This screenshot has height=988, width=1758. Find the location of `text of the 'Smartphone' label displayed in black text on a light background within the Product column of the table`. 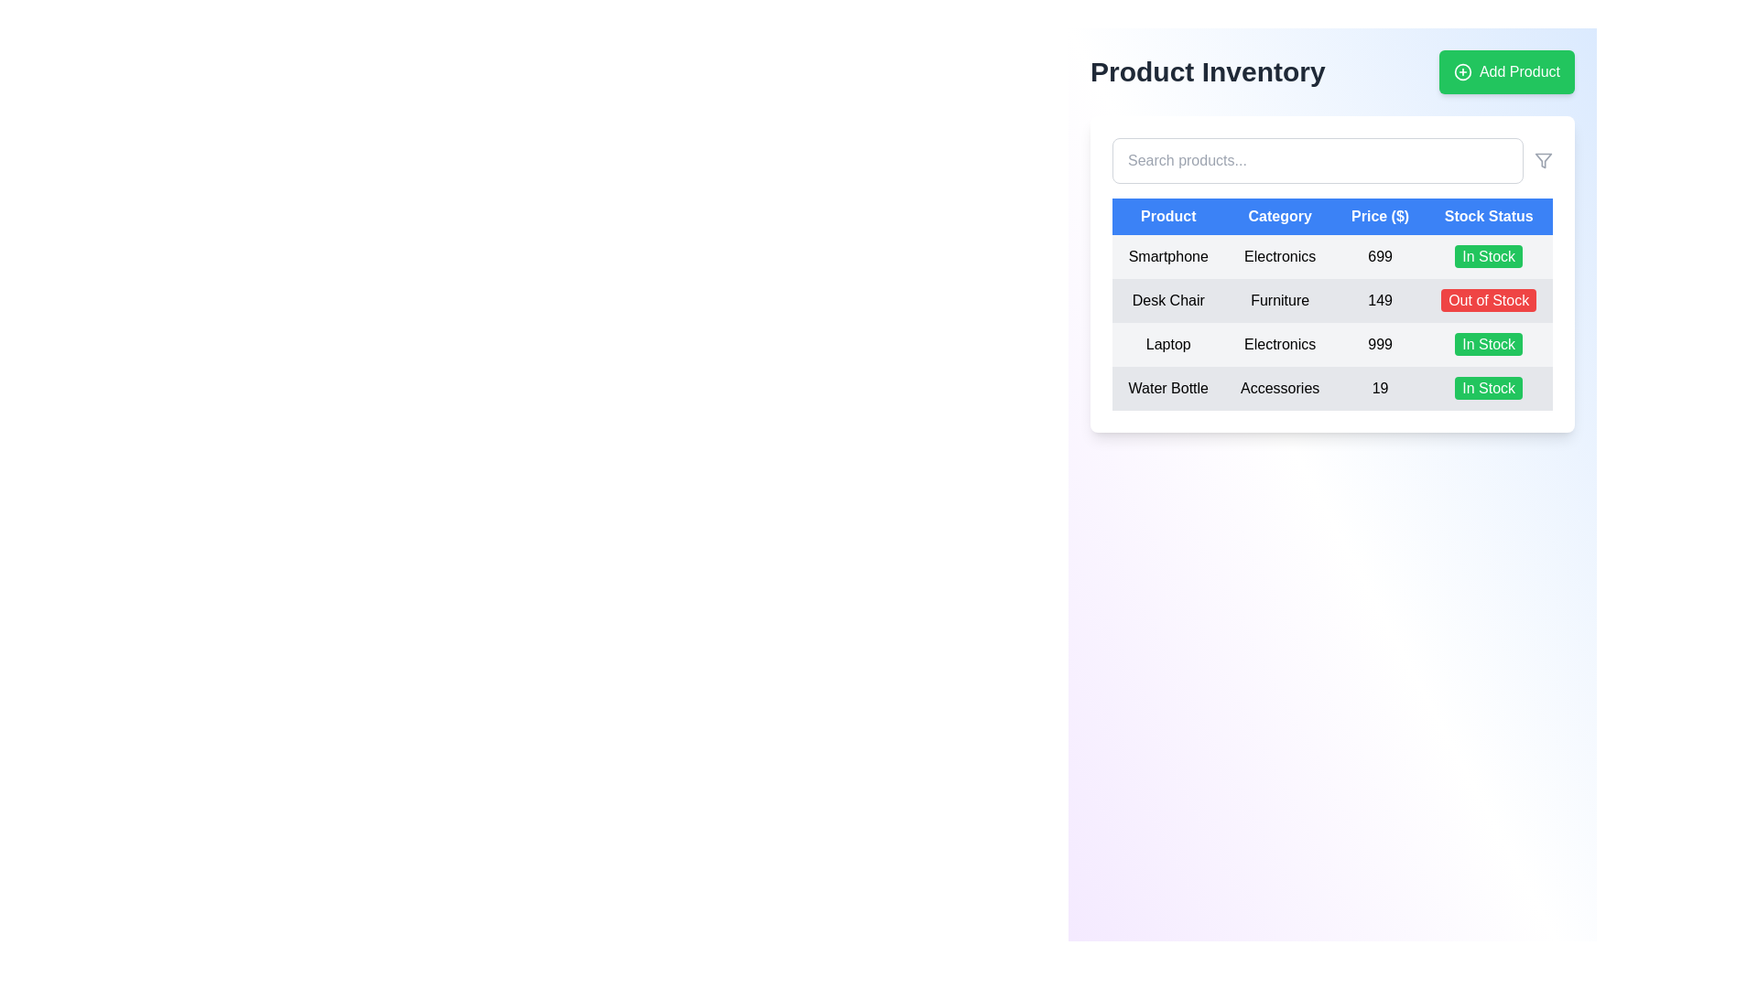

text of the 'Smartphone' label displayed in black text on a light background within the Product column of the table is located at coordinates (1167, 257).